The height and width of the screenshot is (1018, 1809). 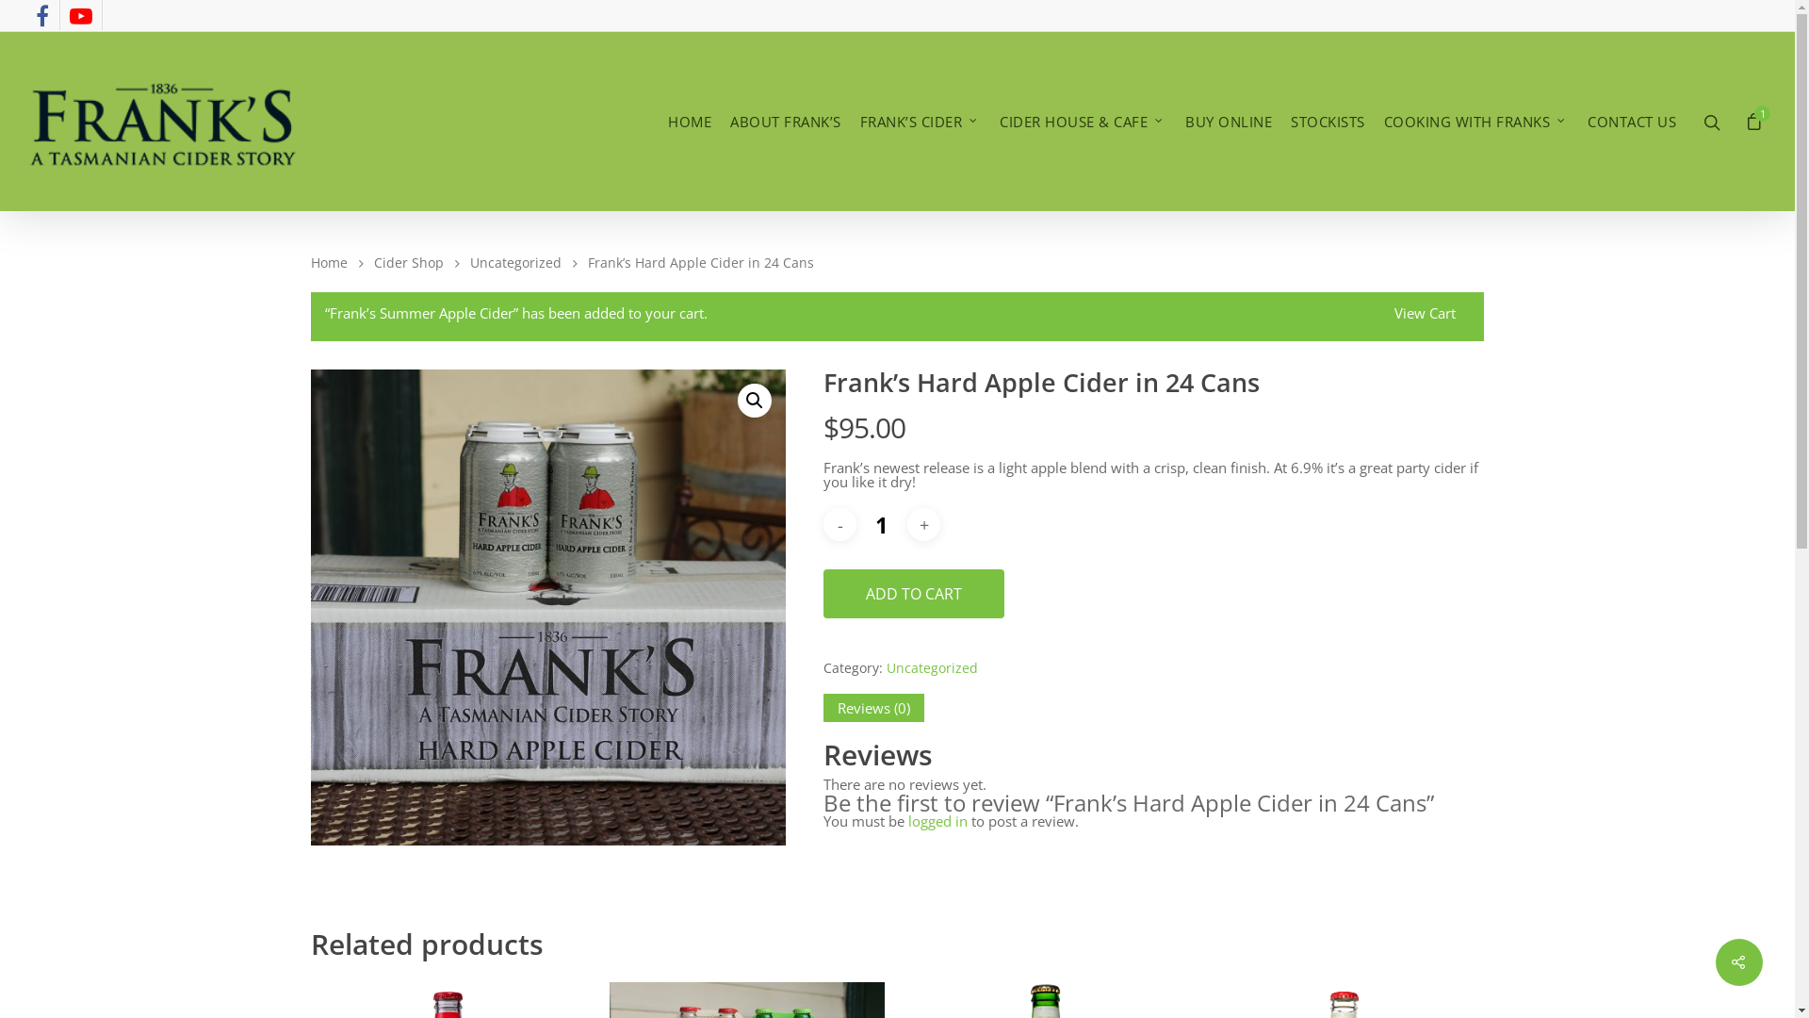 I want to click on 'logged in', so click(x=908, y=820).